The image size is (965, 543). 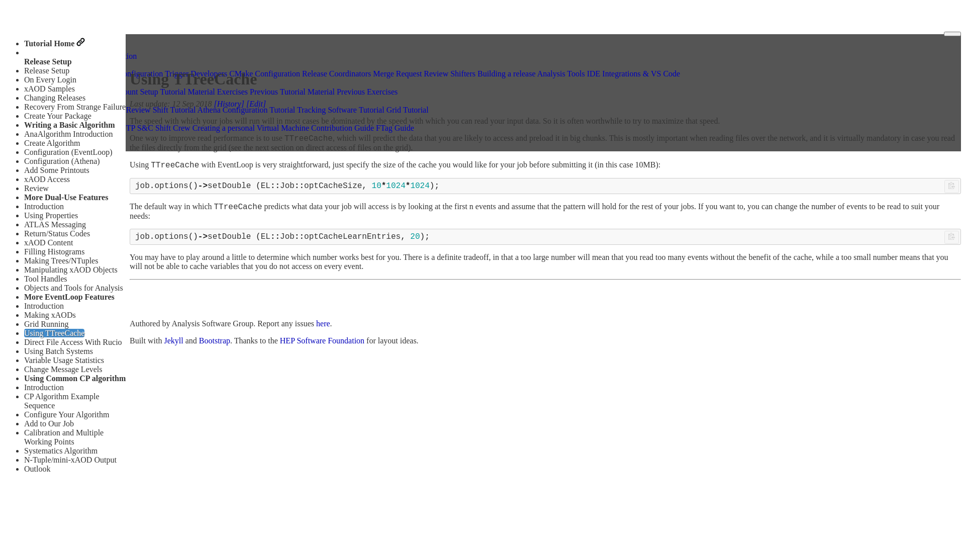 I want to click on 'Changing Releases', so click(x=24, y=98).